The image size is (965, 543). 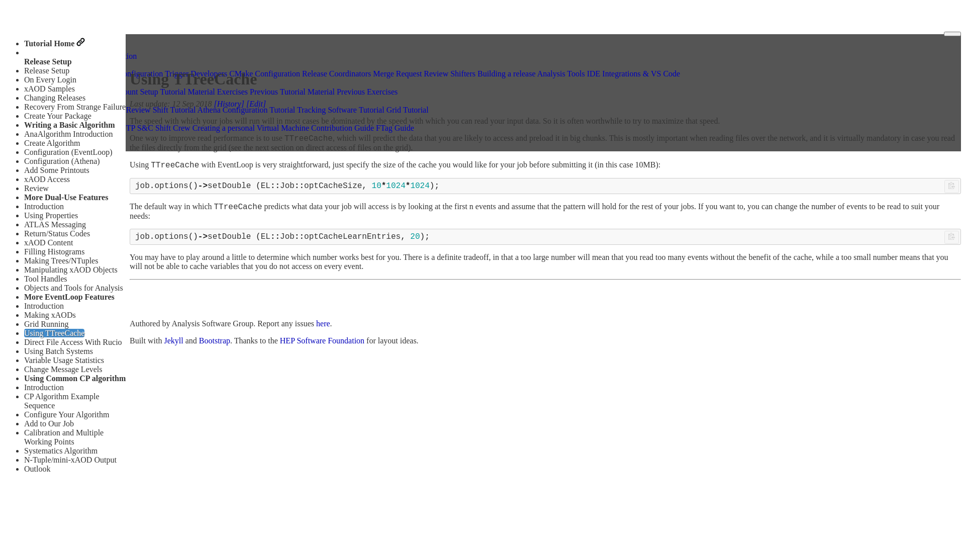 I want to click on 'Changing Releases', so click(x=24, y=98).